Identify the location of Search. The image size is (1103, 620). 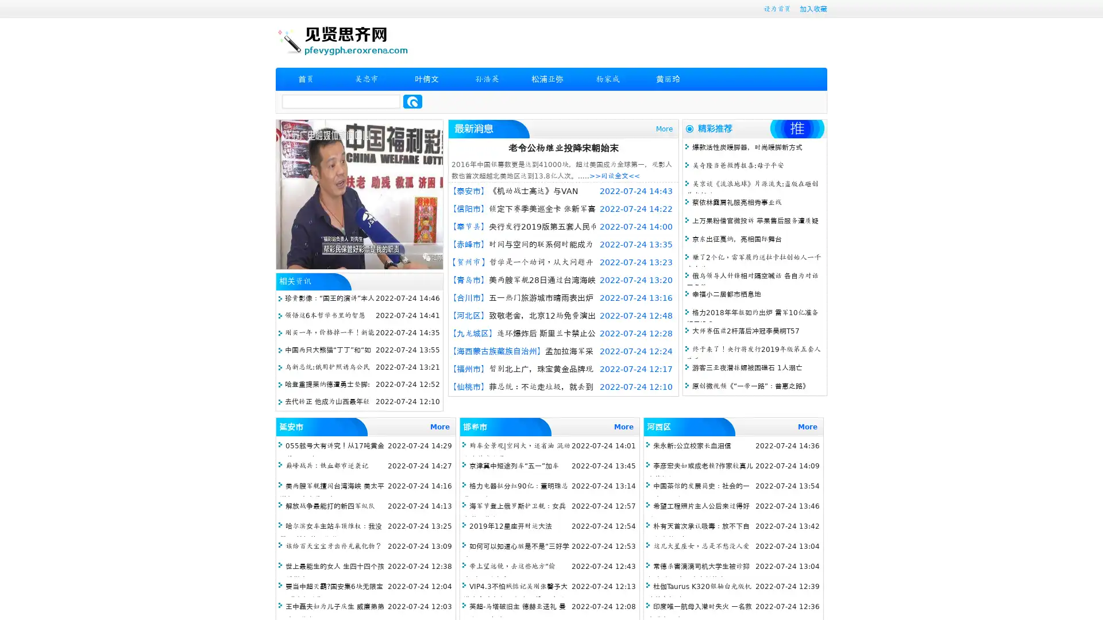
(412, 101).